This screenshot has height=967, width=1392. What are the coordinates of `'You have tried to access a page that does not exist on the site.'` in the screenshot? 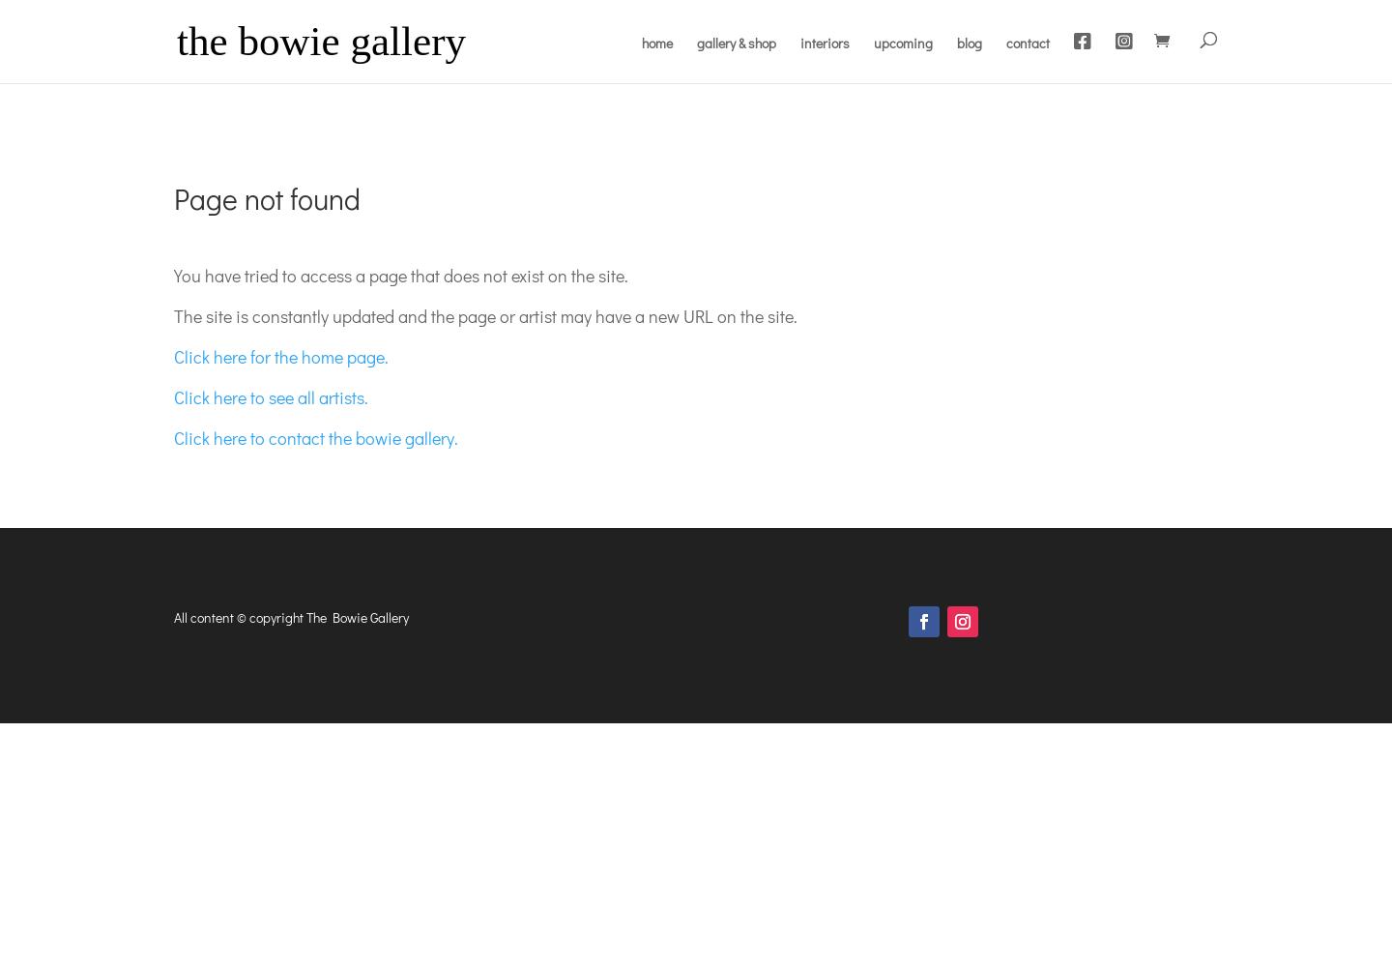 It's located at (400, 275).